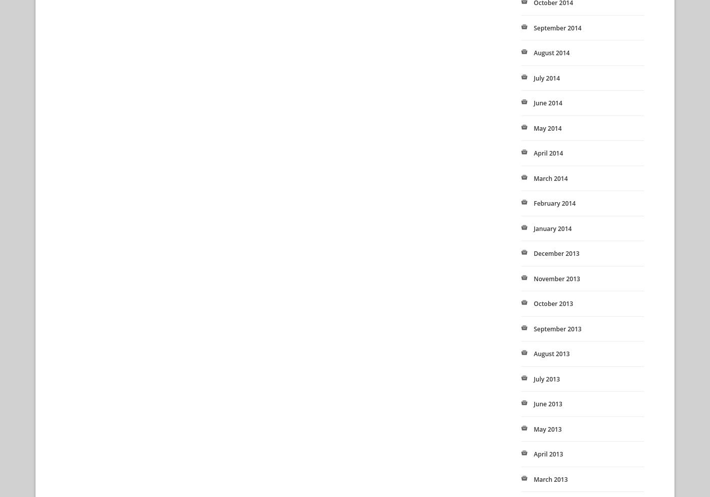 The image size is (710, 497). I want to click on 'September 2013', so click(557, 328).